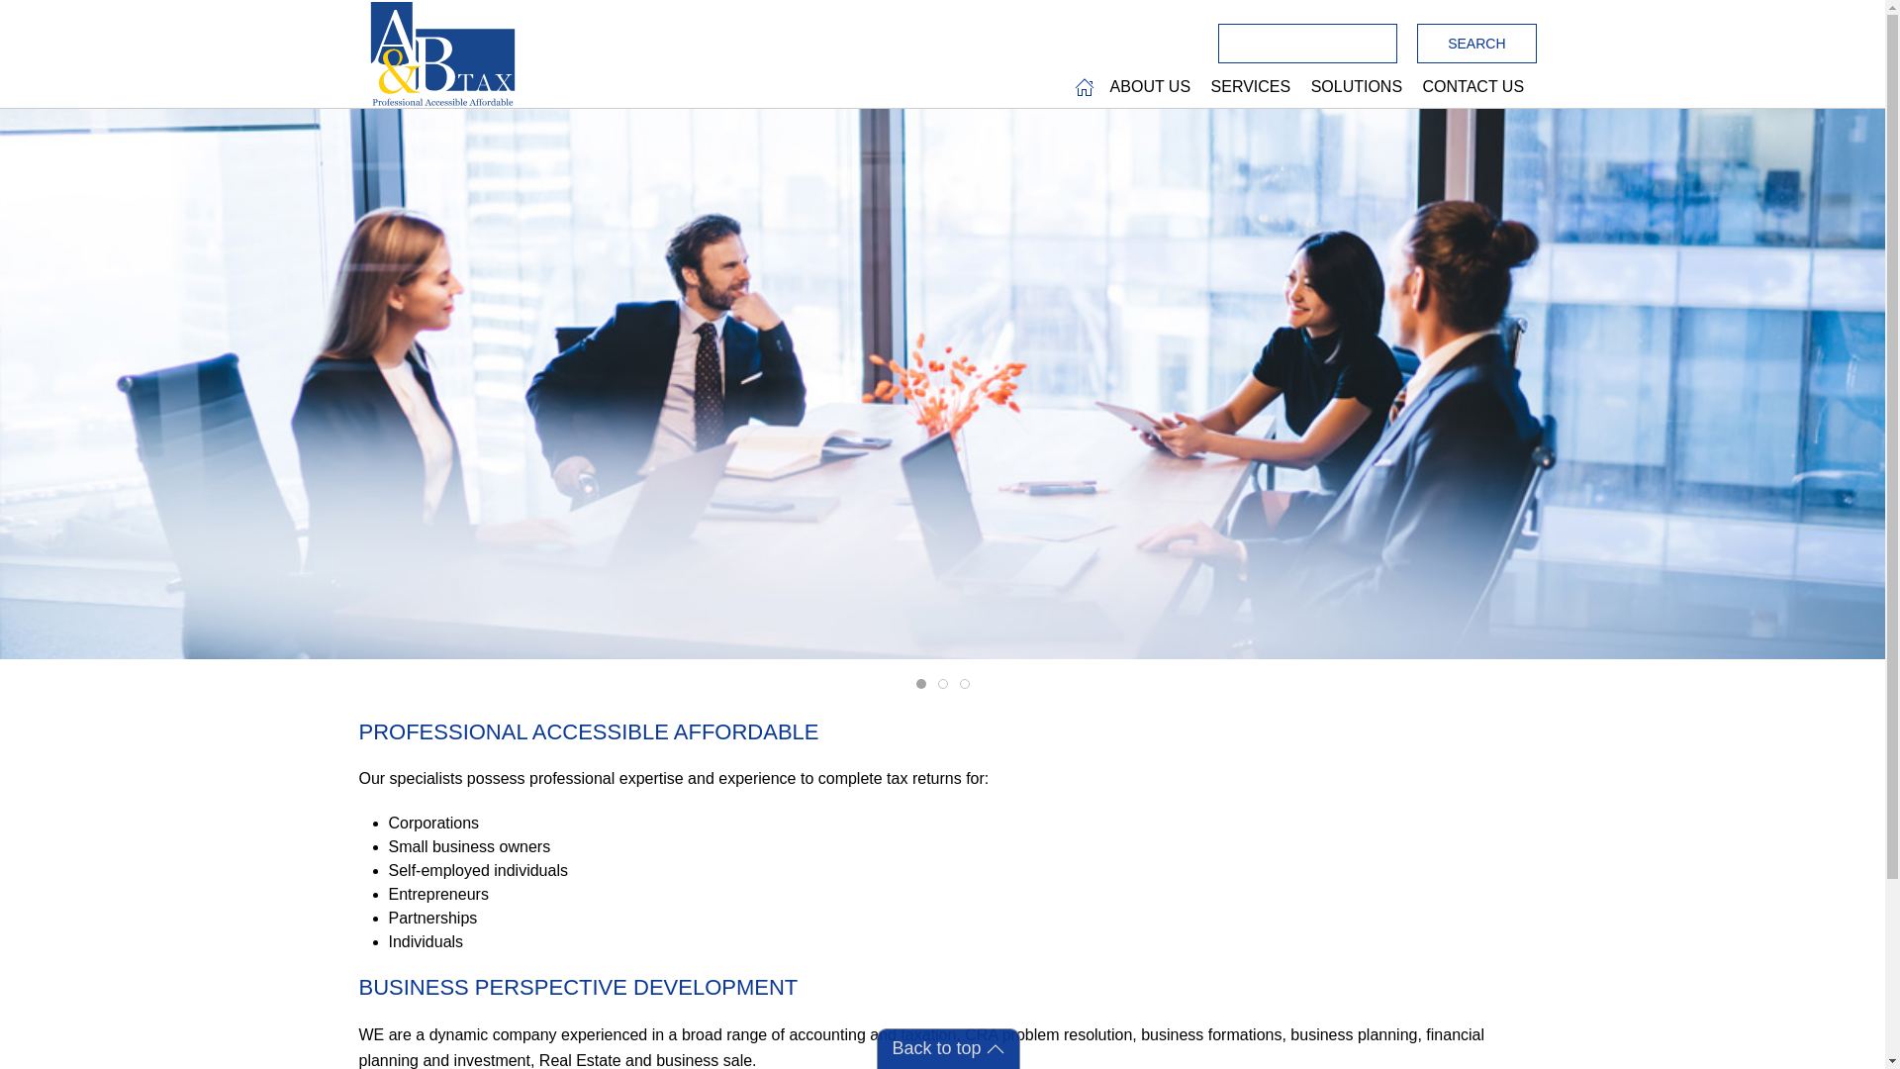 The width and height of the screenshot is (1900, 1069). Describe the element at coordinates (1475, 86) in the screenshot. I see `'CONTACT US '` at that location.